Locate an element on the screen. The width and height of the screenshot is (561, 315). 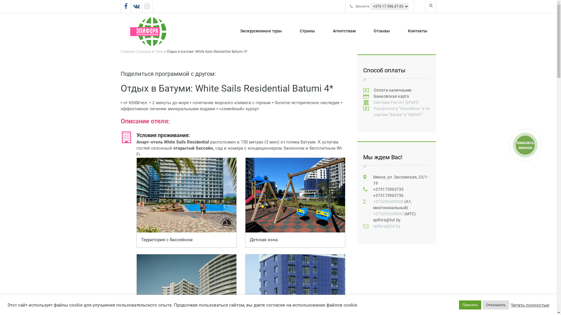
'epifora@tut.by' is located at coordinates (387, 226).